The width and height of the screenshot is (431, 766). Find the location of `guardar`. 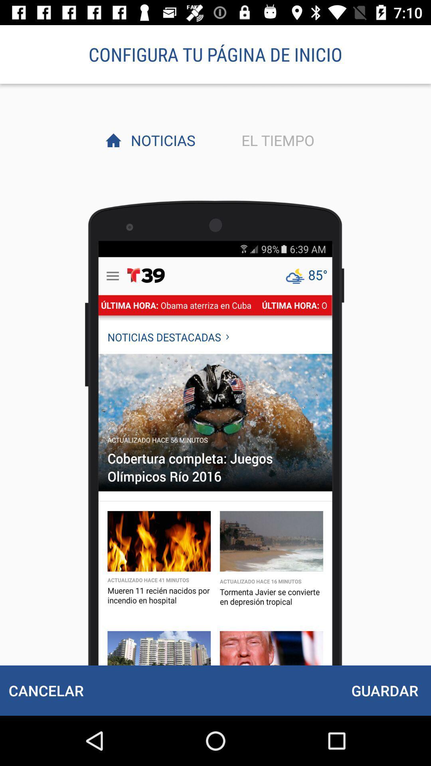

guardar is located at coordinates (384, 690).